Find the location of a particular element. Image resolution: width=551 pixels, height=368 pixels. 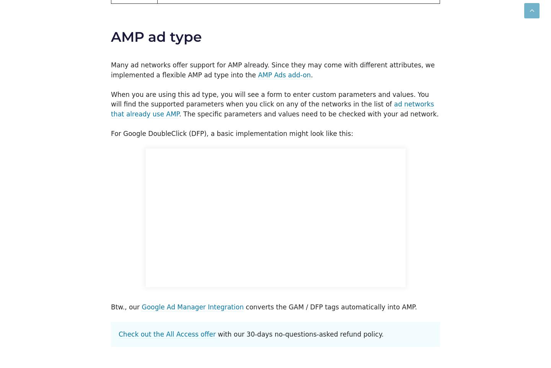

'AMP ad type' is located at coordinates (156, 37).